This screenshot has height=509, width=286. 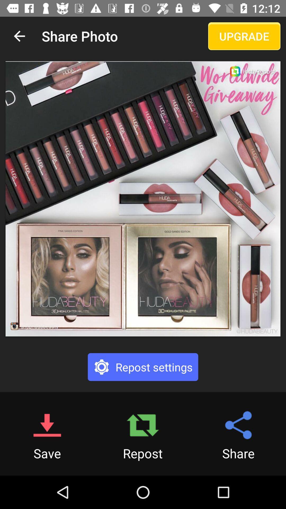 I want to click on the item next to share photo item, so click(x=19, y=36).